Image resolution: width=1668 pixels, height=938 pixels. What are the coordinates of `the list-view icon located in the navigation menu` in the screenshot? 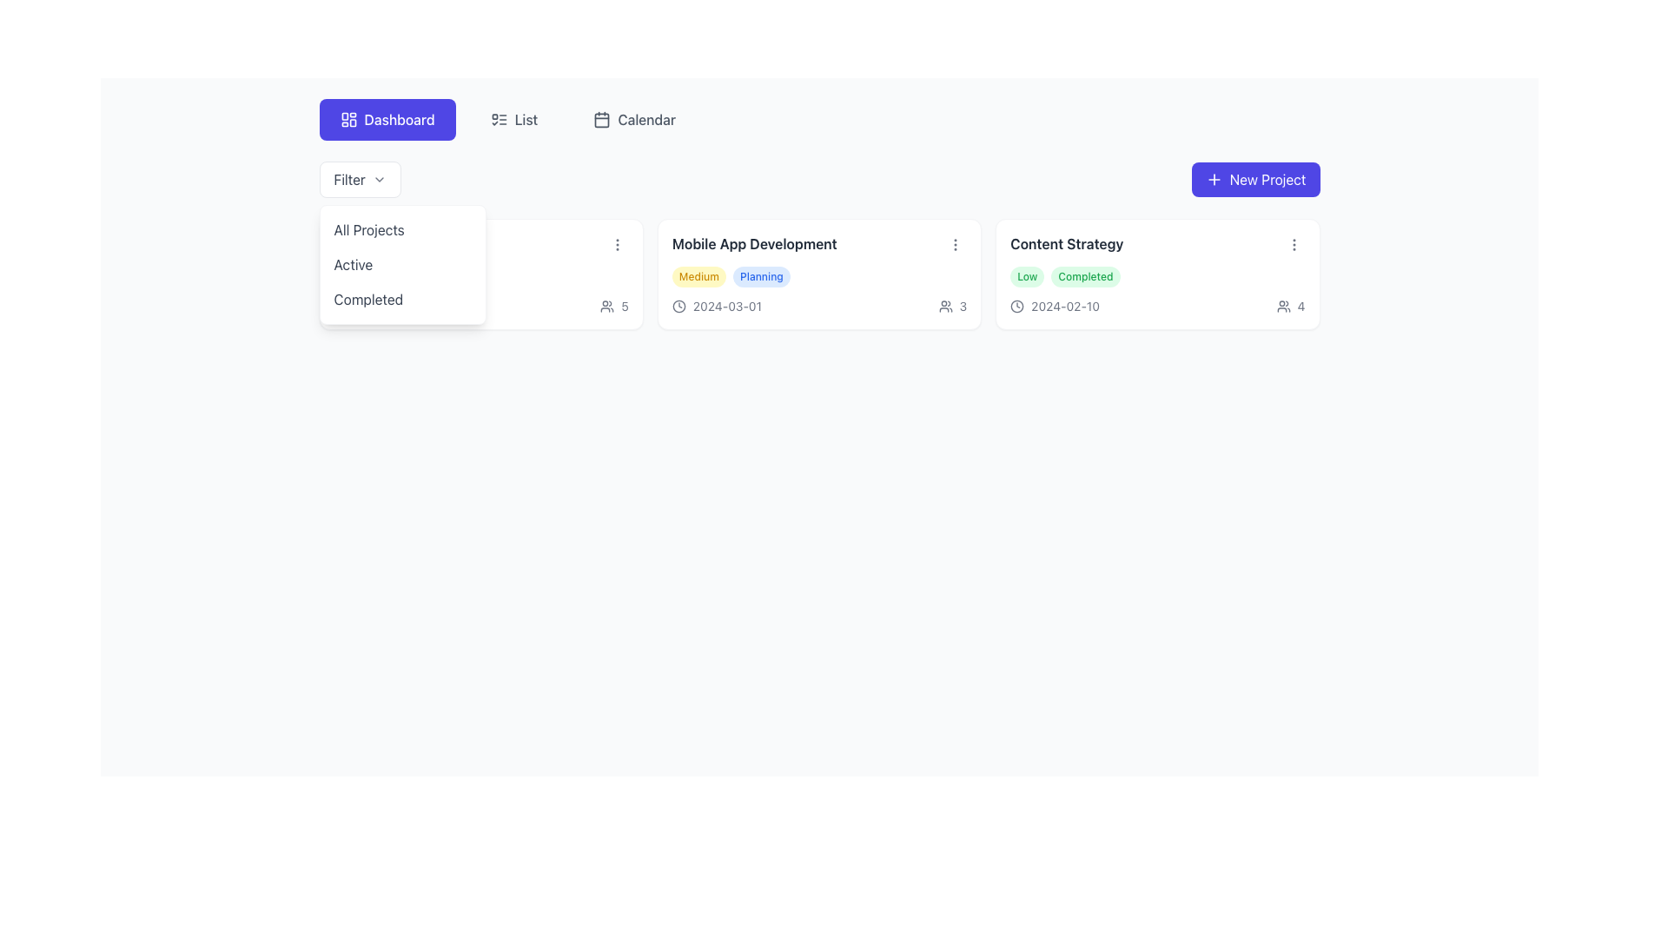 It's located at (498, 119).